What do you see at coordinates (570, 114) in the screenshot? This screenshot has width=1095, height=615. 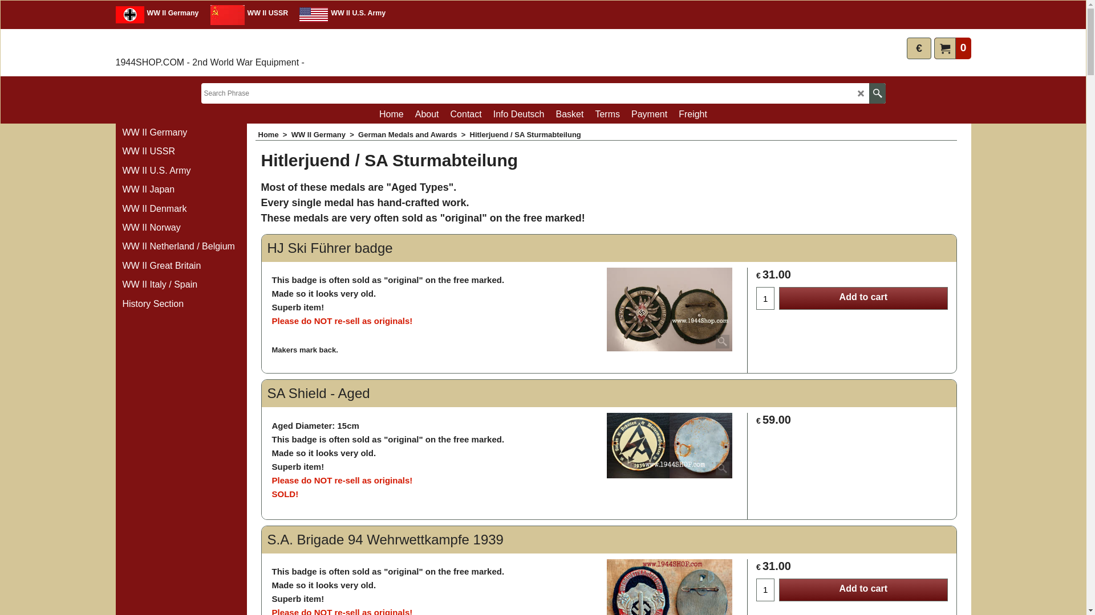 I see `'Basket'` at bounding box center [570, 114].